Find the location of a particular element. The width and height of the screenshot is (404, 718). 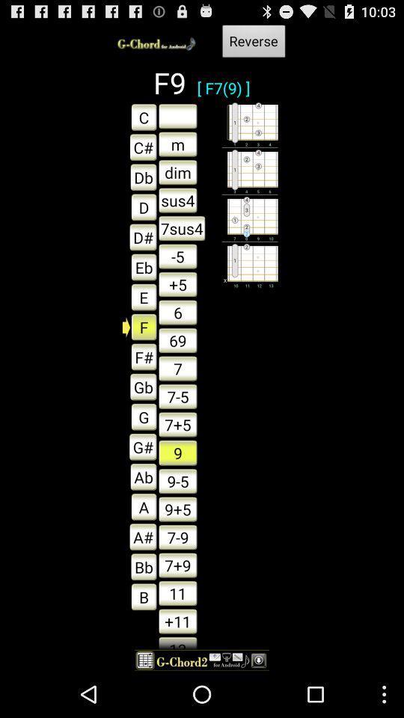

the text c is located at coordinates (138, 147).